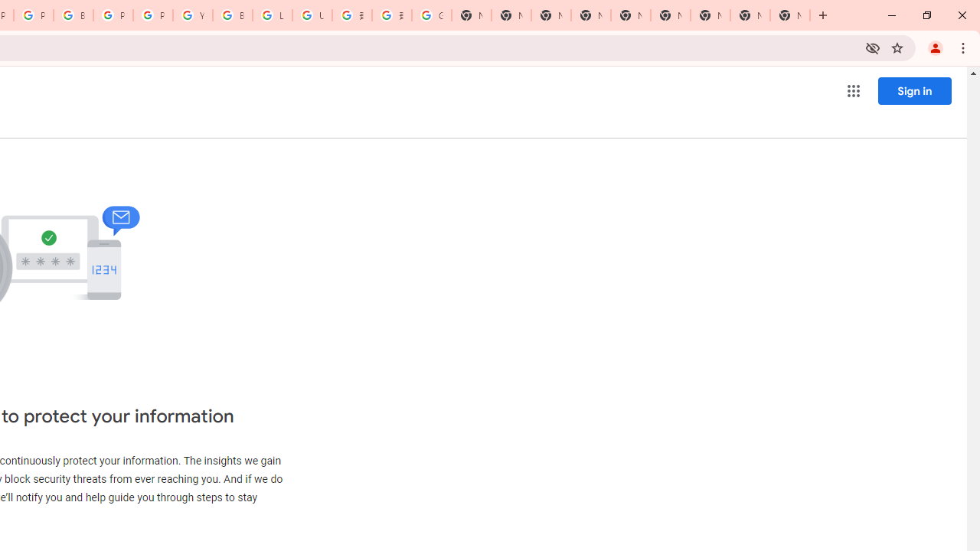  Describe the element at coordinates (430, 15) in the screenshot. I see `'Google Images'` at that location.